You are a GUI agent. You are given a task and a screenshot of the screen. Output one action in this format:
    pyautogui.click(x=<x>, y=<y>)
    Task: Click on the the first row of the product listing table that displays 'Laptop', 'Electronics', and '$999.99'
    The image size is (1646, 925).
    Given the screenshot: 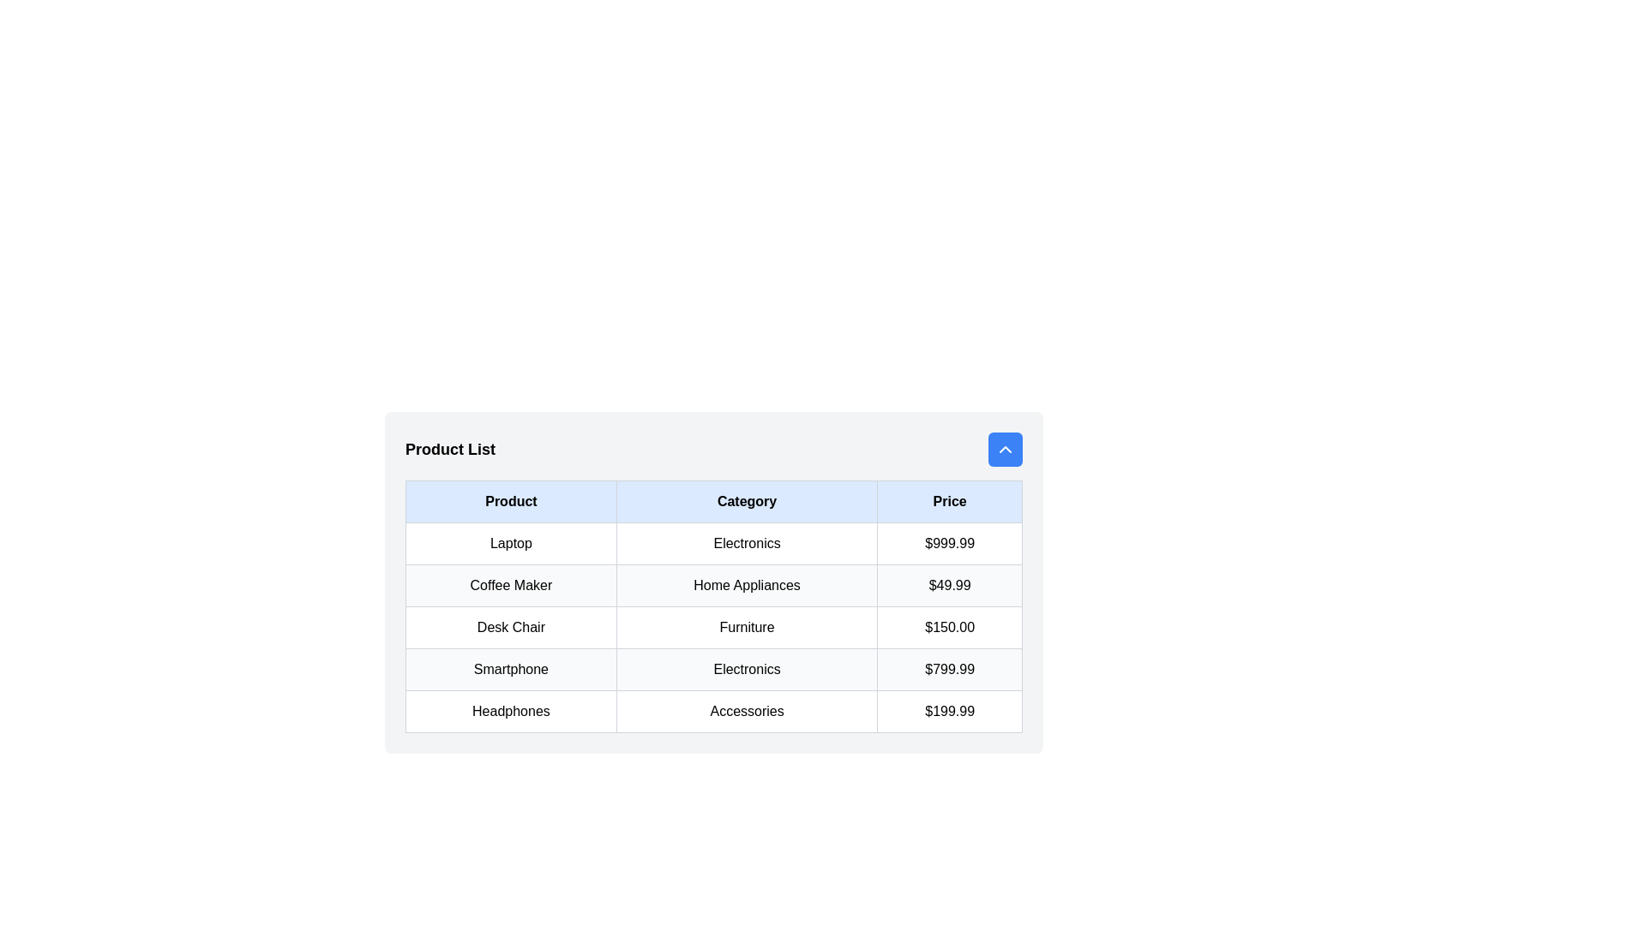 What is the action you would take?
    pyautogui.click(x=714, y=544)
    